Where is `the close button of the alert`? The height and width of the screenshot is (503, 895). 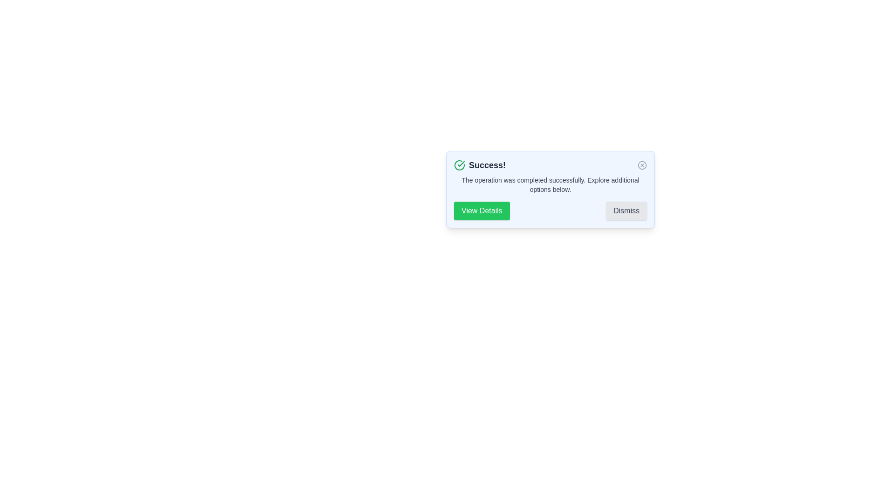 the close button of the alert is located at coordinates (641, 164).